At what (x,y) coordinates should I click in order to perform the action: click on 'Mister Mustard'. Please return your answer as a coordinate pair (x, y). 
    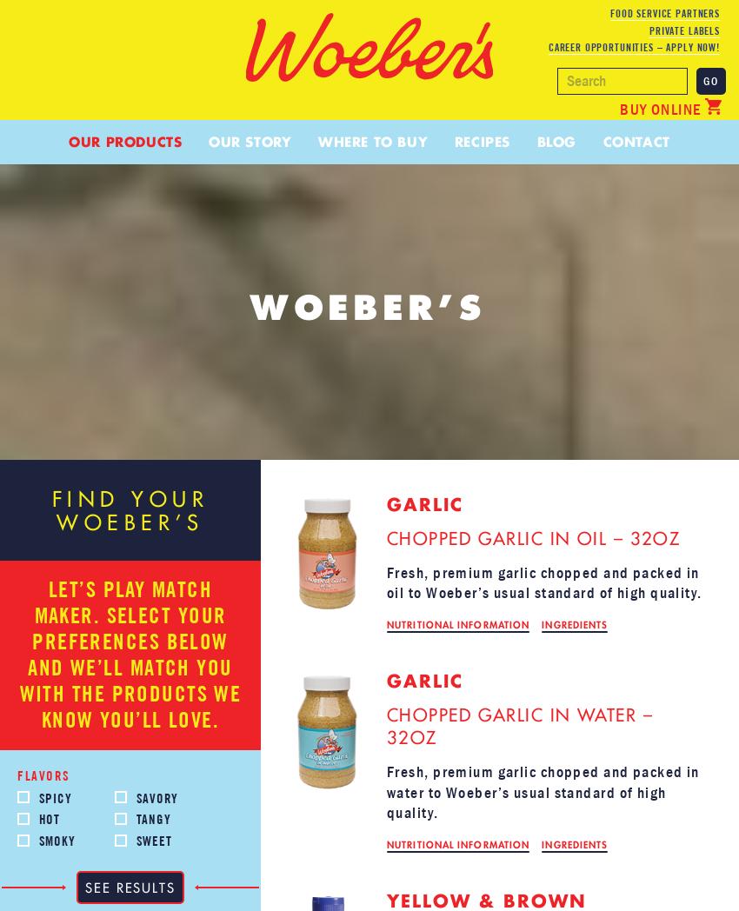
    Looking at the image, I should click on (300, 399).